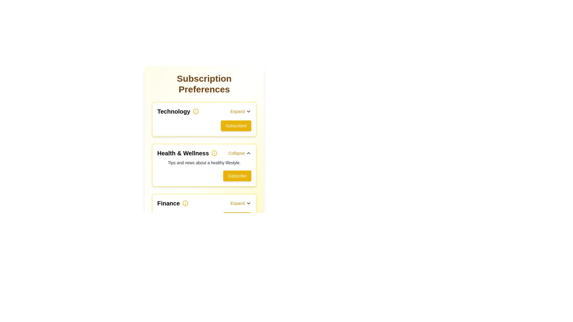 This screenshot has height=322, width=573. I want to click on text label providing a description of the 'Health & Wellness' subscription option located in the second box labeled 'Health & Wellness' above the 'Subscribe' button, so click(204, 163).